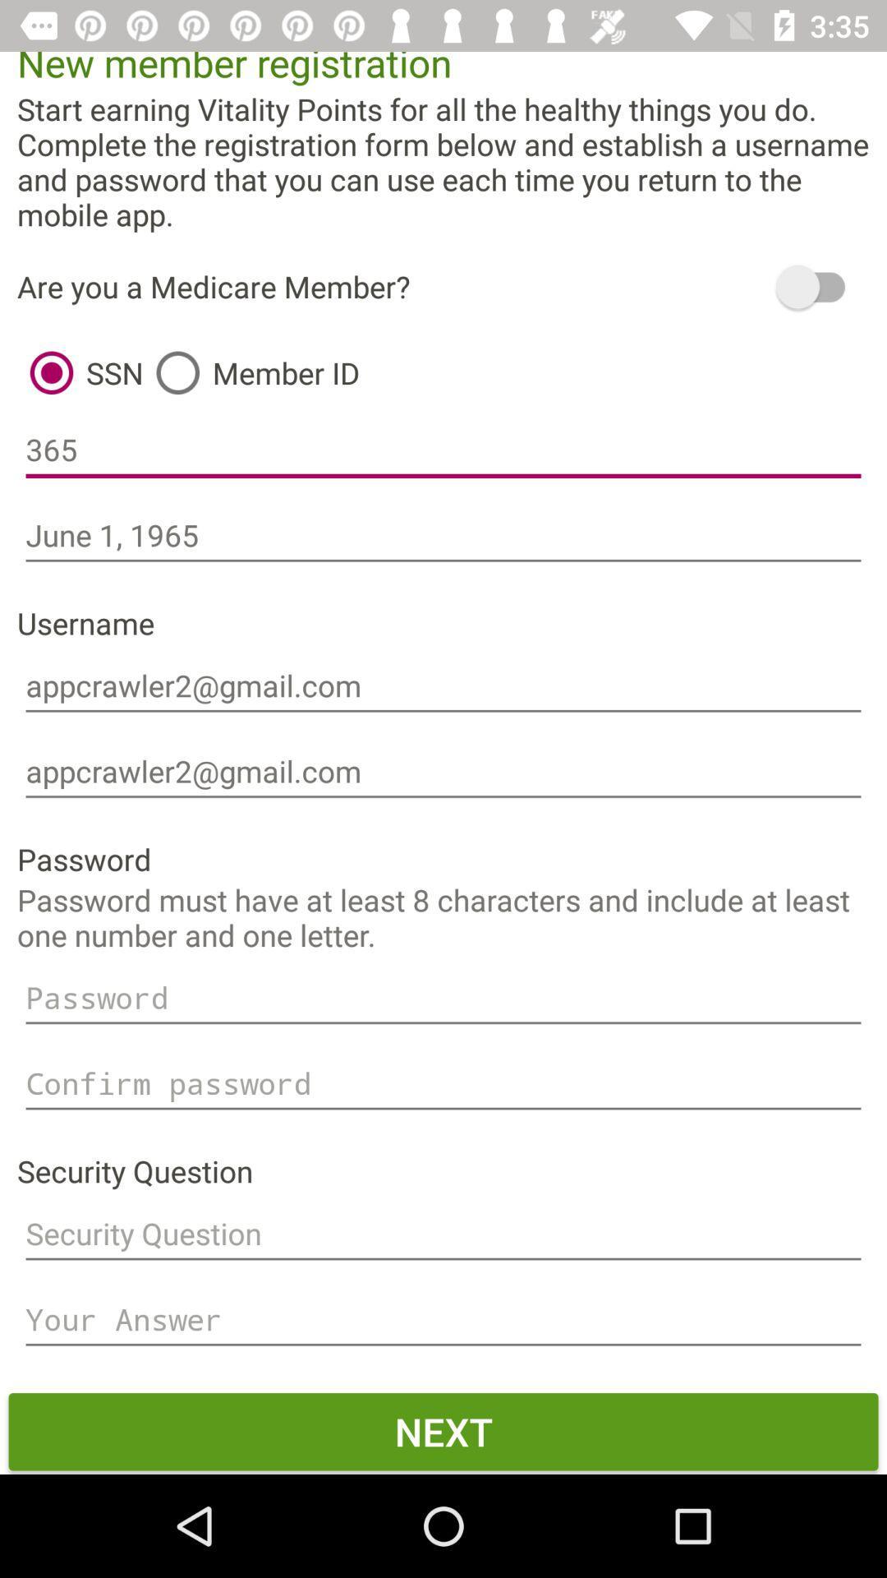 The width and height of the screenshot is (887, 1578). What do you see at coordinates (443, 997) in the screenshot?
I see `password` at bounding box center [443, 997].